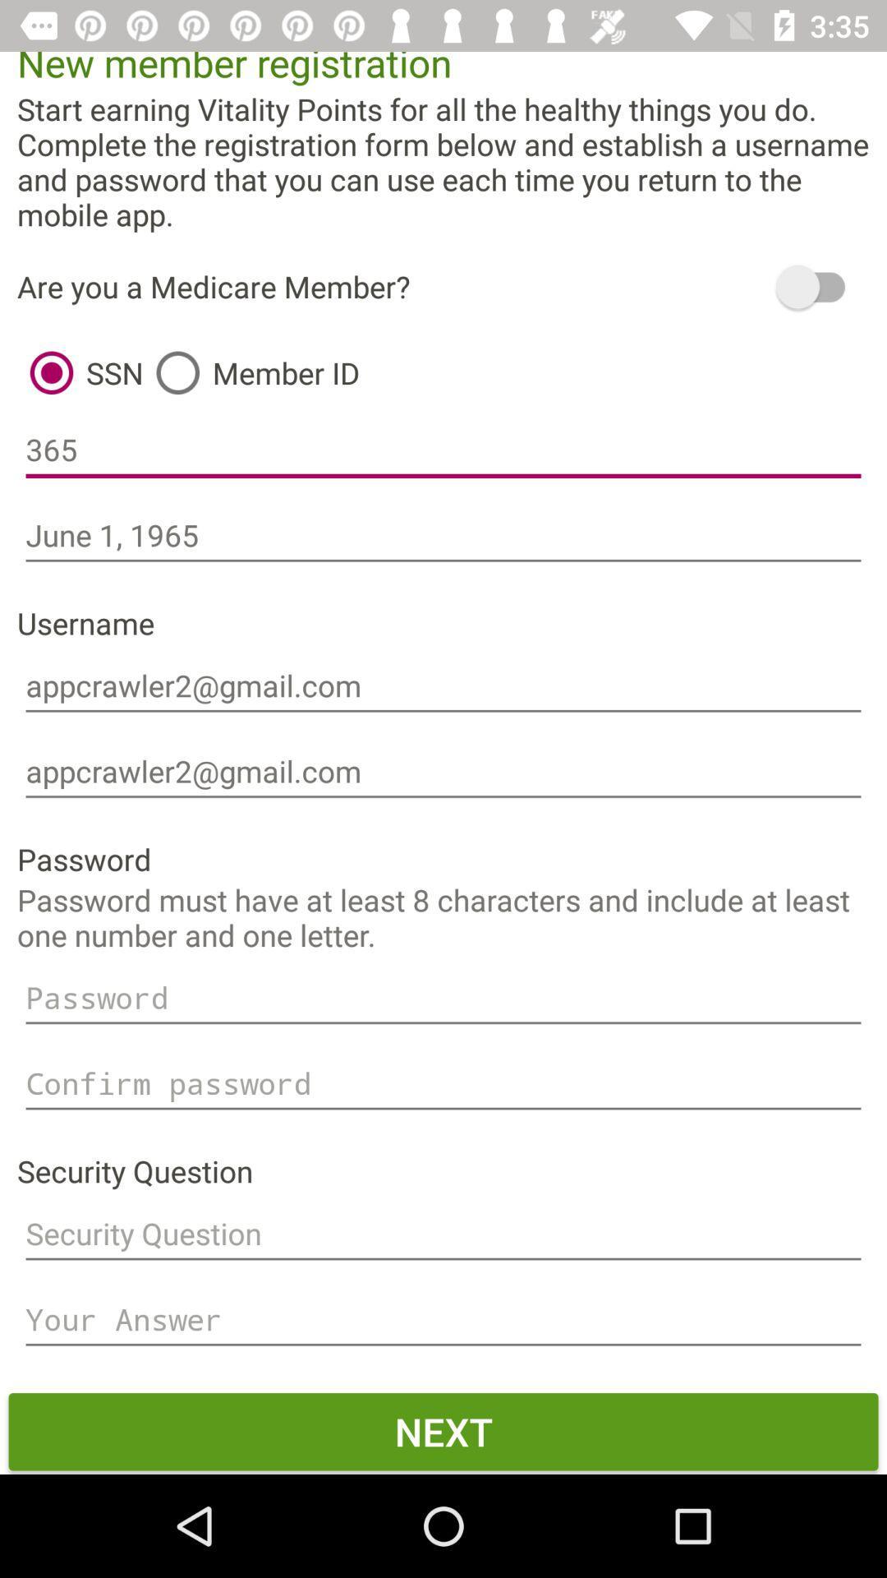 The width and height of the screenshot is (887, 1578). What do you see at coordinates (443, 997) in the screenshot?
I see `password` at bounding box center [443, 997].